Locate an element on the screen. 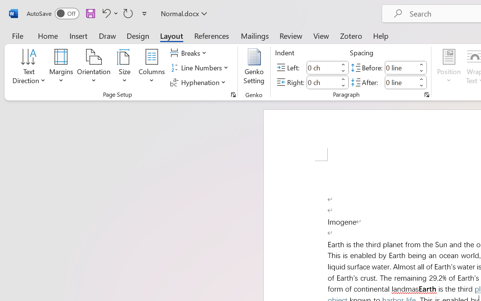  'Undo Paste Destination Formatting' is located at coordinates (109, 13).